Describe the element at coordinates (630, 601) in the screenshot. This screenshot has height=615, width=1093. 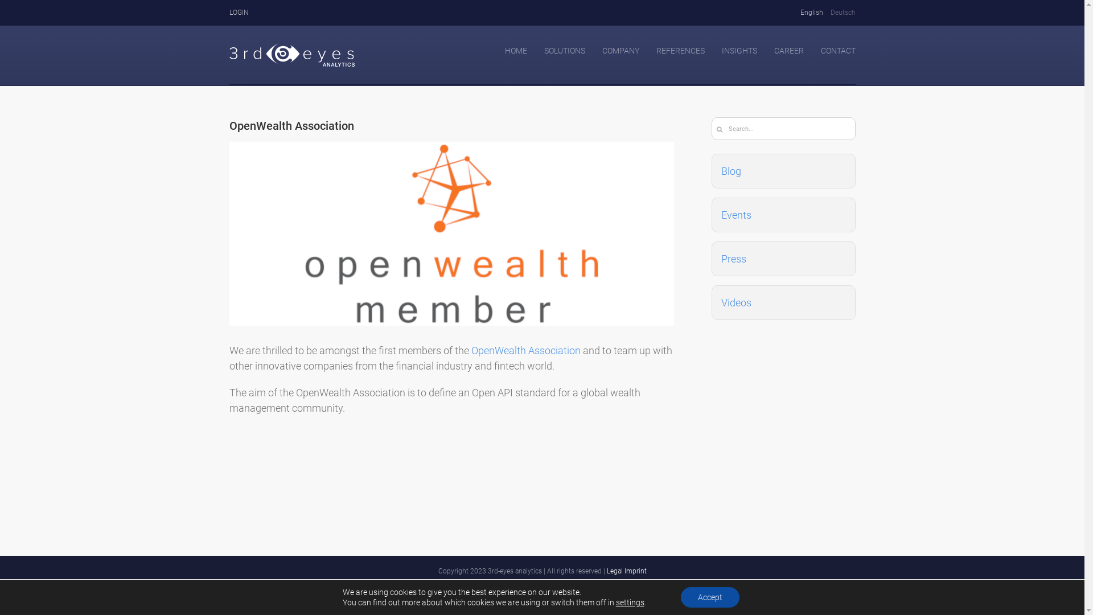
I see `'settings'` at that location.